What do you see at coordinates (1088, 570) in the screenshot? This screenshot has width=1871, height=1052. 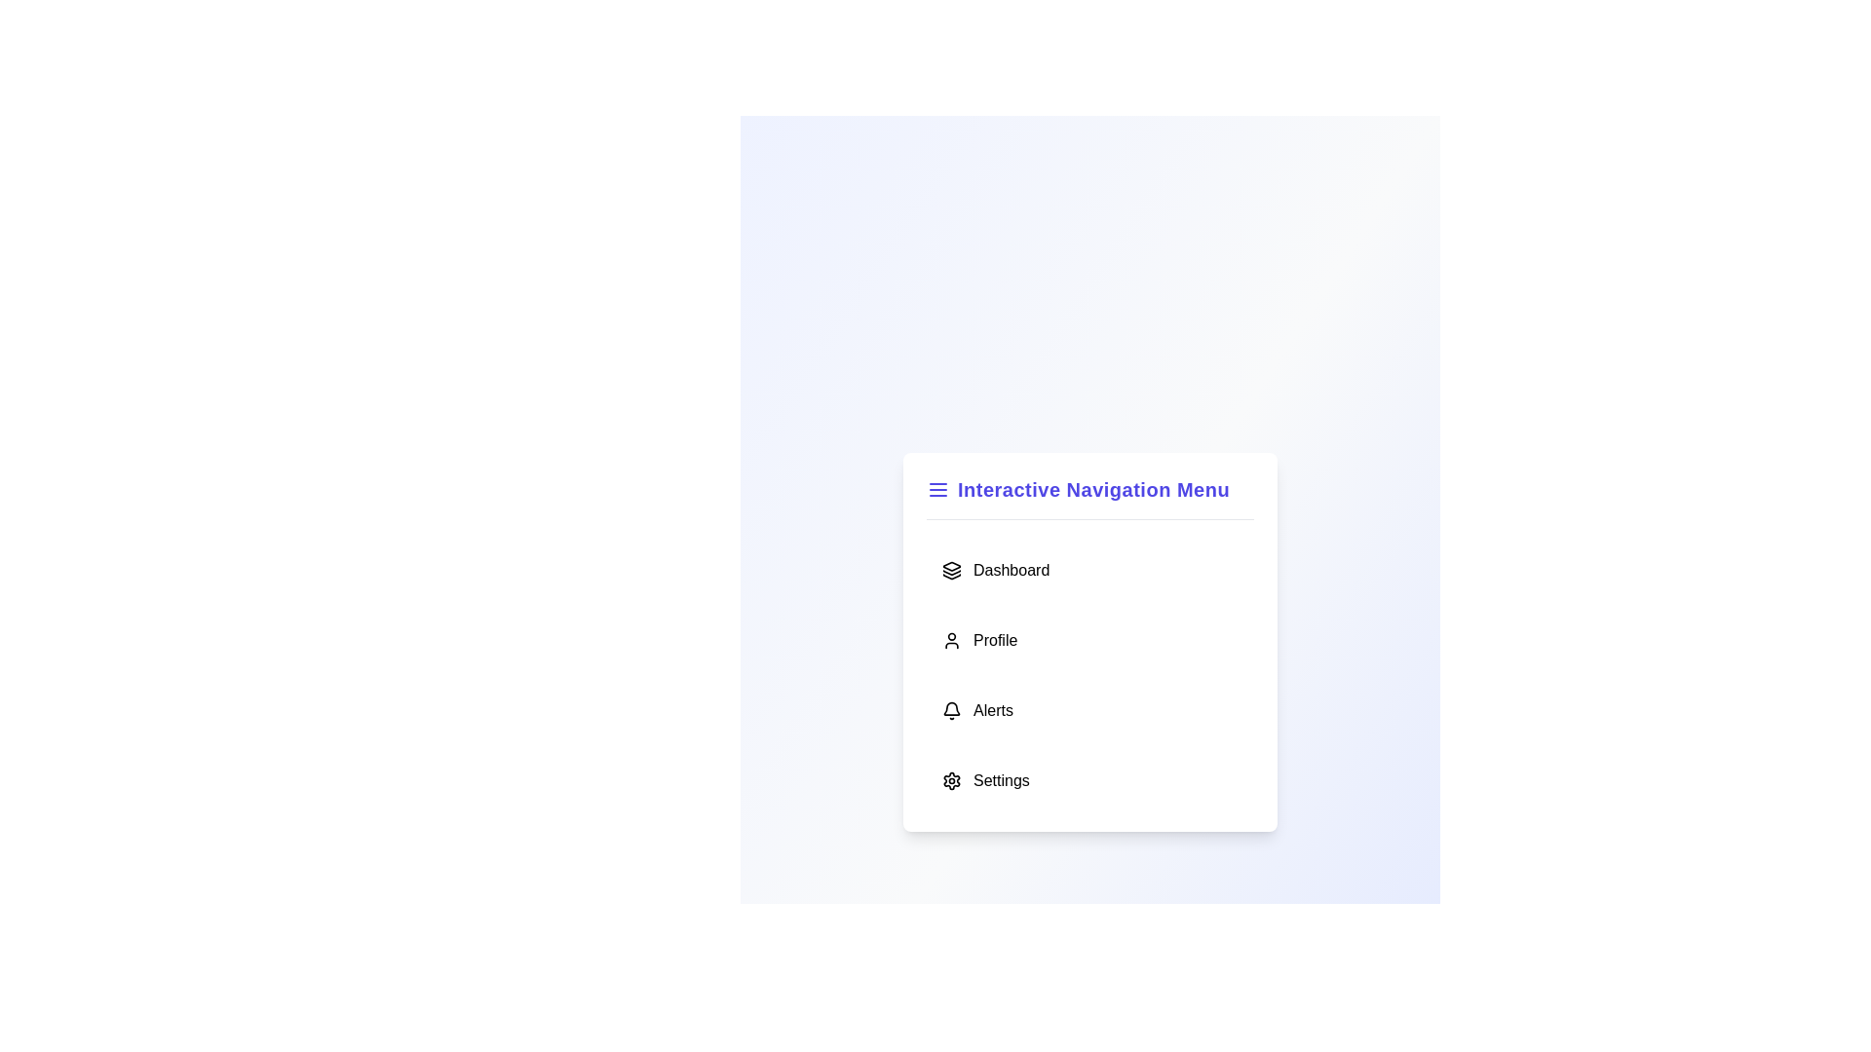 I see `the menu item Dashboard by clicking on it` at bounding box center [1088, 570].